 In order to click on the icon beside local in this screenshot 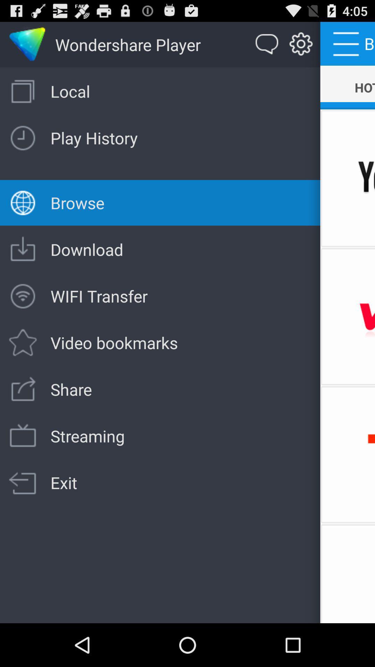, I will do `click(23, 91)`.